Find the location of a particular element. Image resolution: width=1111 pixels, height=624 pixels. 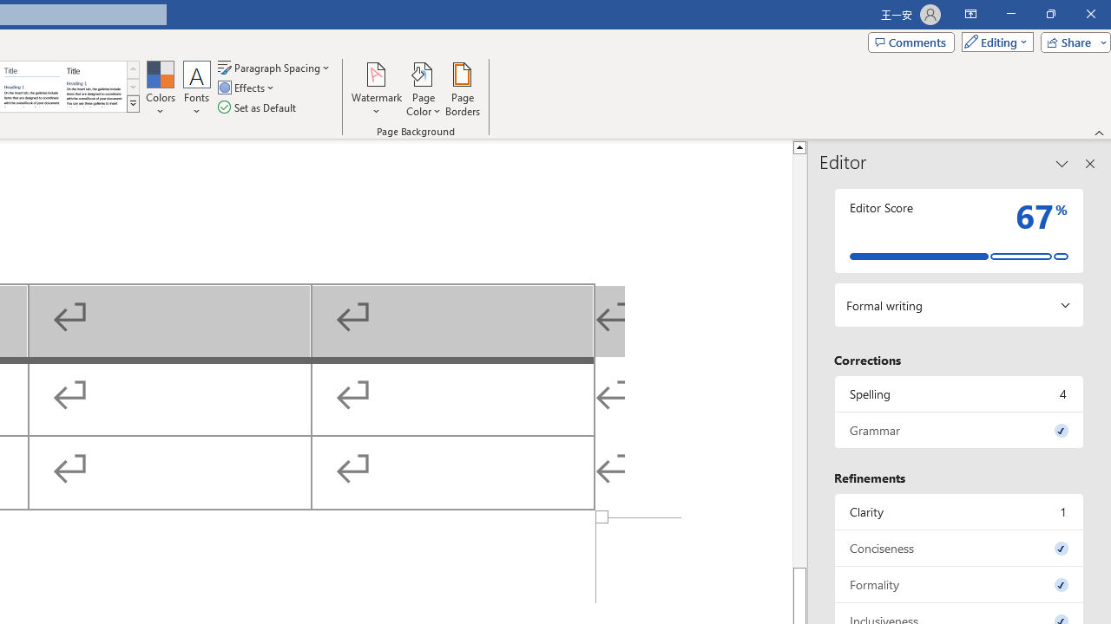

'Fonts' is located at coordinates (197, 89).